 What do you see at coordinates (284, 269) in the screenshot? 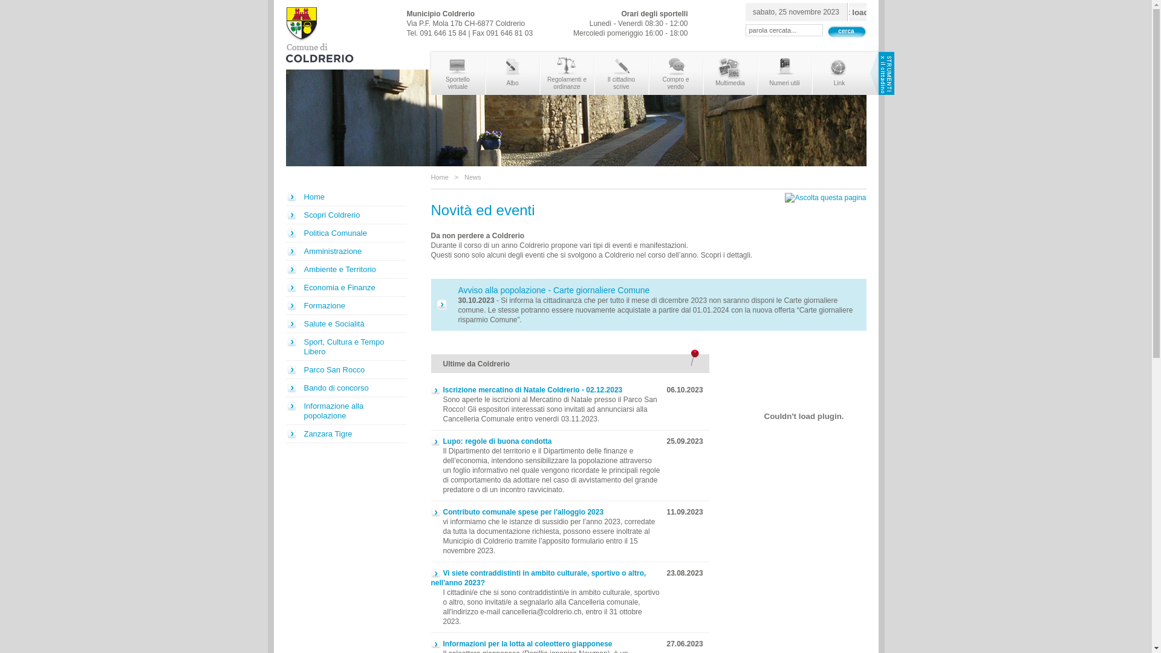
I see `'Ambiente e Territorio'` at bounding box center [284, 269].